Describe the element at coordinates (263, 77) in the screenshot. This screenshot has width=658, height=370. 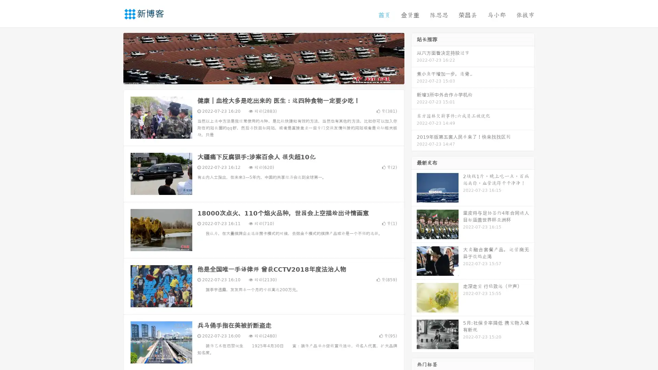
I see `Go to slide 2` at that location.